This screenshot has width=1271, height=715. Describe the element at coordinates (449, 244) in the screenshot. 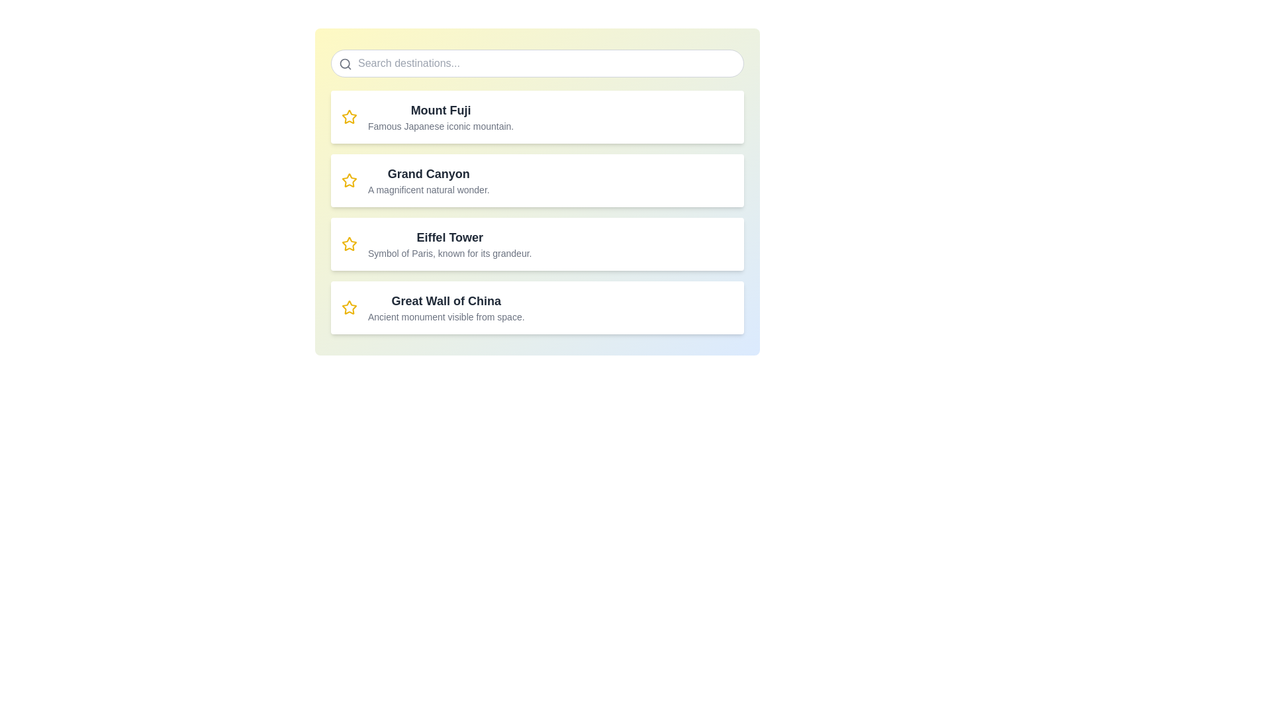

I see `the list item titled 'Eiffel Tower'` at that location.